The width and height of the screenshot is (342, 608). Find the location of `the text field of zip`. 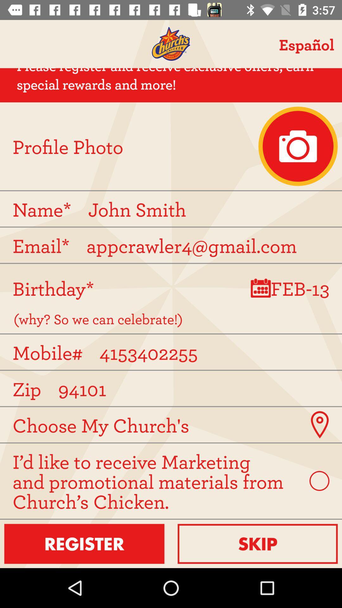

the text field of zip is located at coordinates (174, 388).